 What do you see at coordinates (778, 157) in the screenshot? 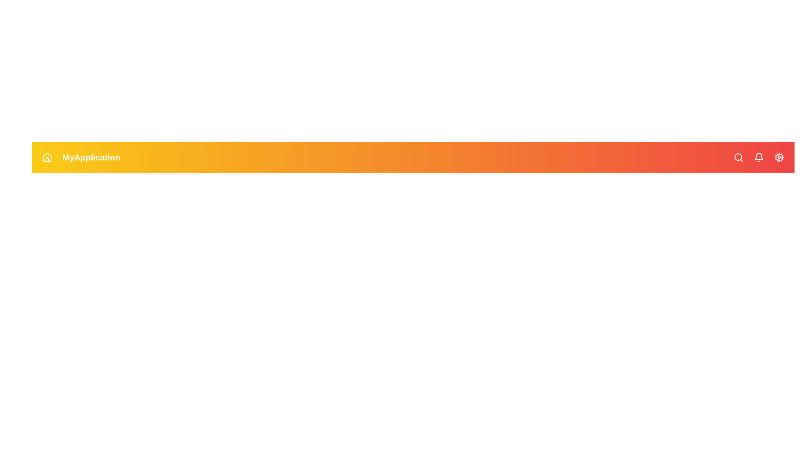
I see `the circular icon that is part of the cogwheel shape located on the far right side of the navigation bar` at bounding box center [778, 157].